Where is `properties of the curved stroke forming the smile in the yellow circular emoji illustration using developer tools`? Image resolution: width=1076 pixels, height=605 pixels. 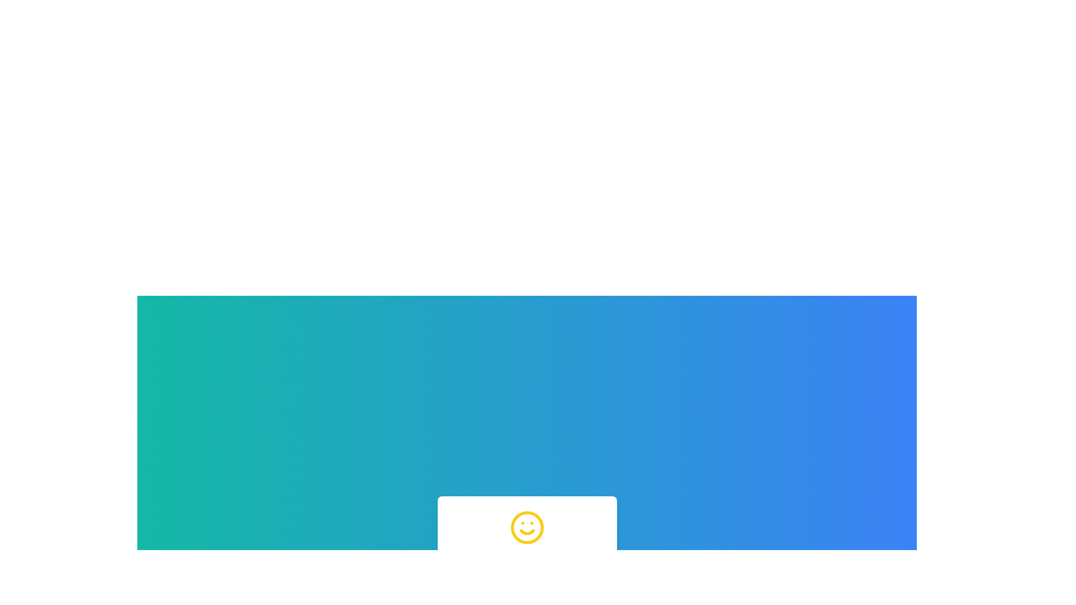 properties of the curved stroke forming the smile in the yellow circular emoji illustration using developer tools is located at coordinates (526, 531).